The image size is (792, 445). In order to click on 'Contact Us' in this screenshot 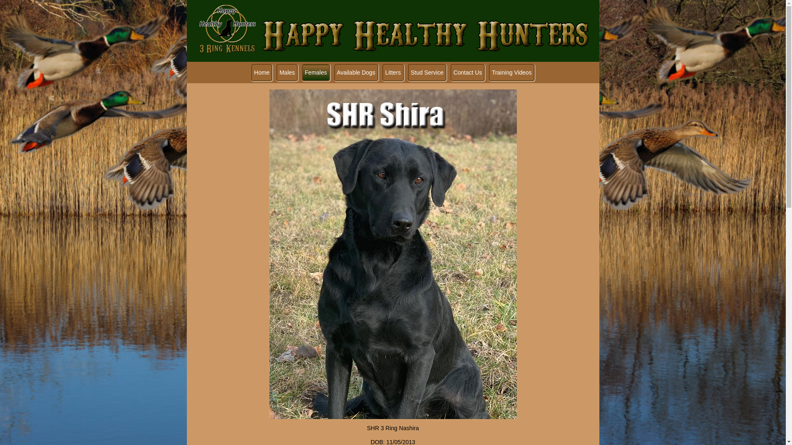, I will do `click(467, 72)`.